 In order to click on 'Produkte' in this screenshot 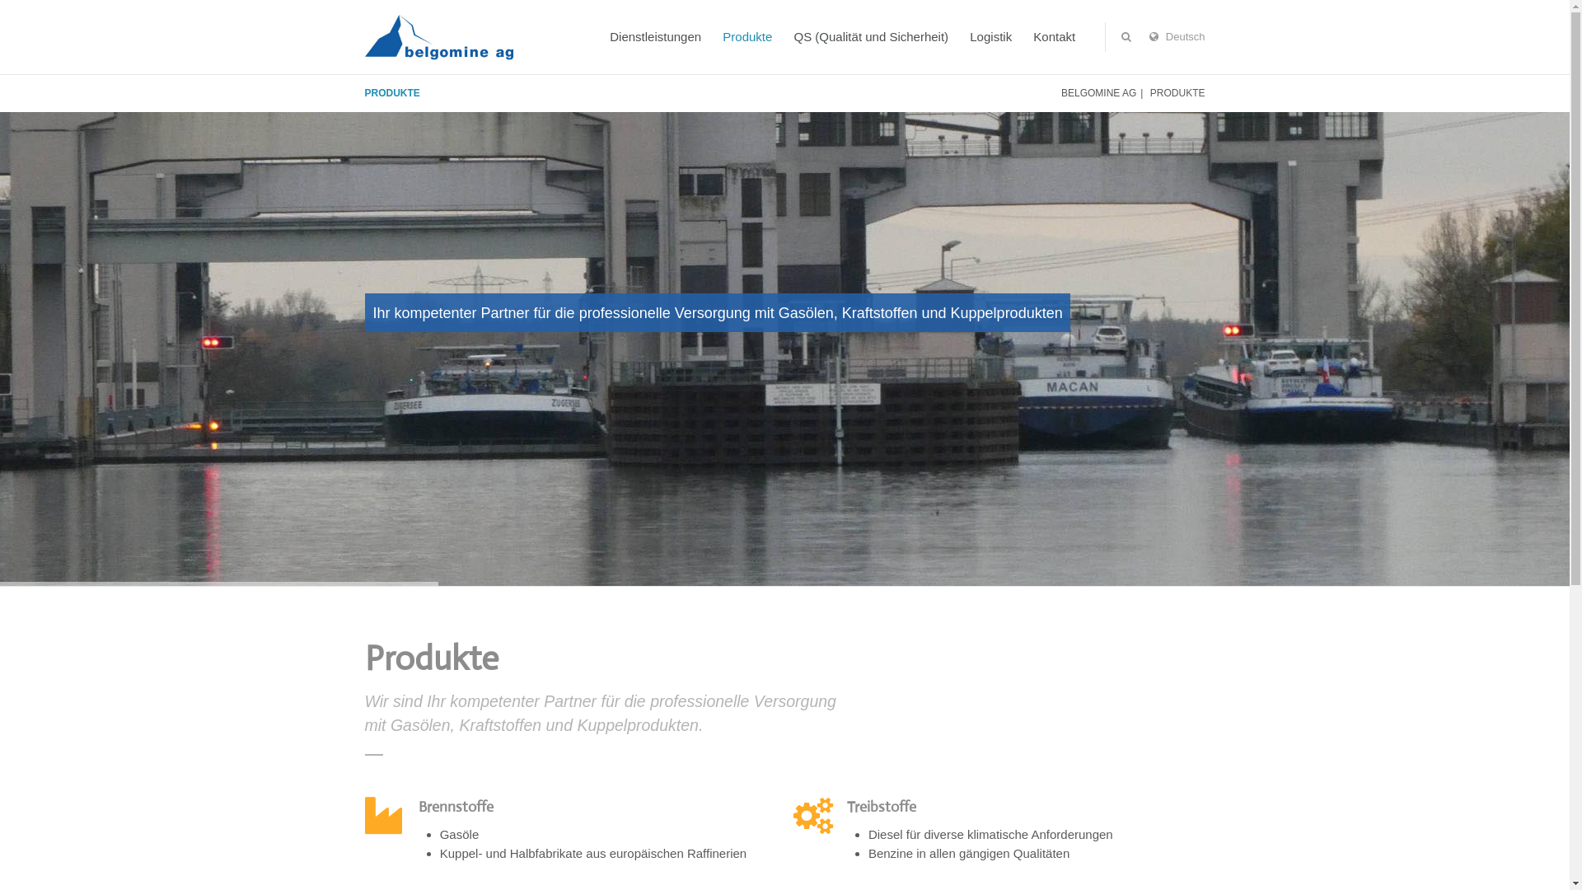, I will do `click(747, 37)`.